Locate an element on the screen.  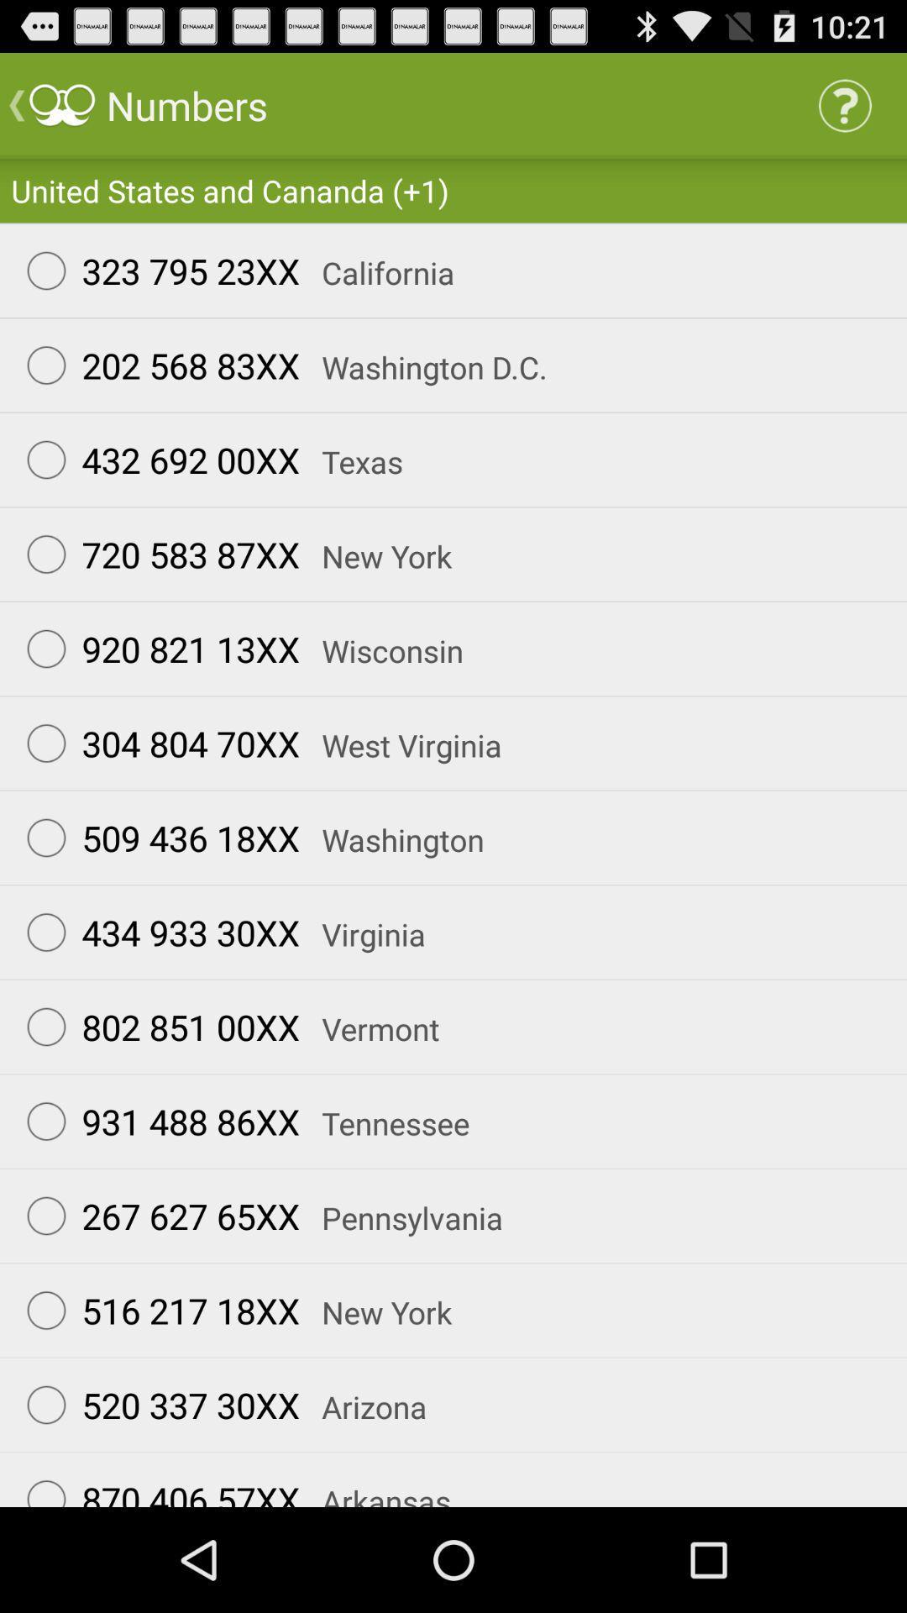
the item to the left of tennessee app is located at coordinates (155, 1121).